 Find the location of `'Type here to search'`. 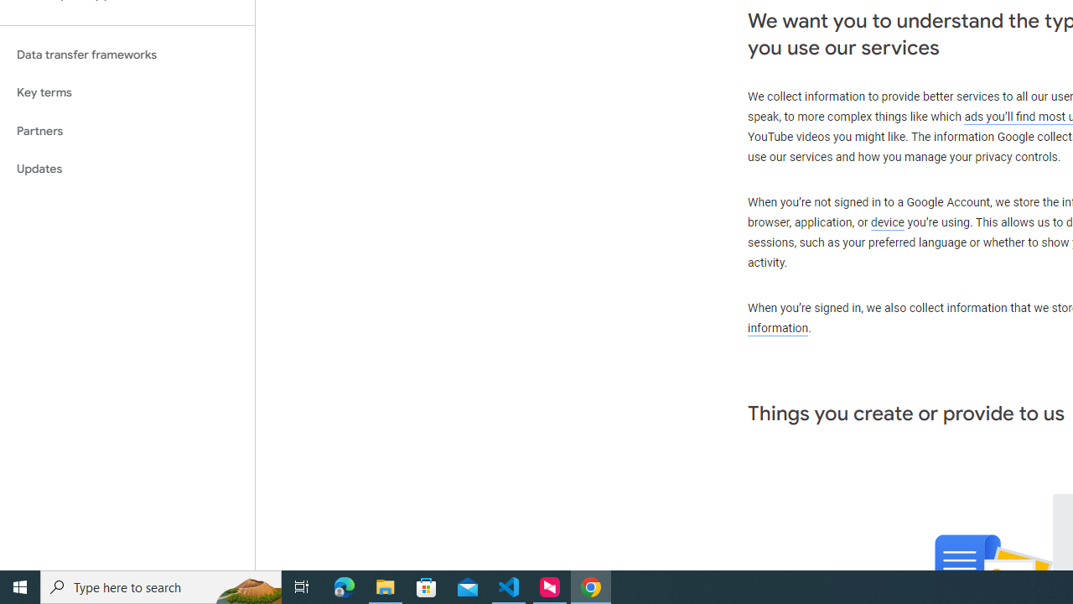

'Type here to search' is located at coordinates (161, 586).